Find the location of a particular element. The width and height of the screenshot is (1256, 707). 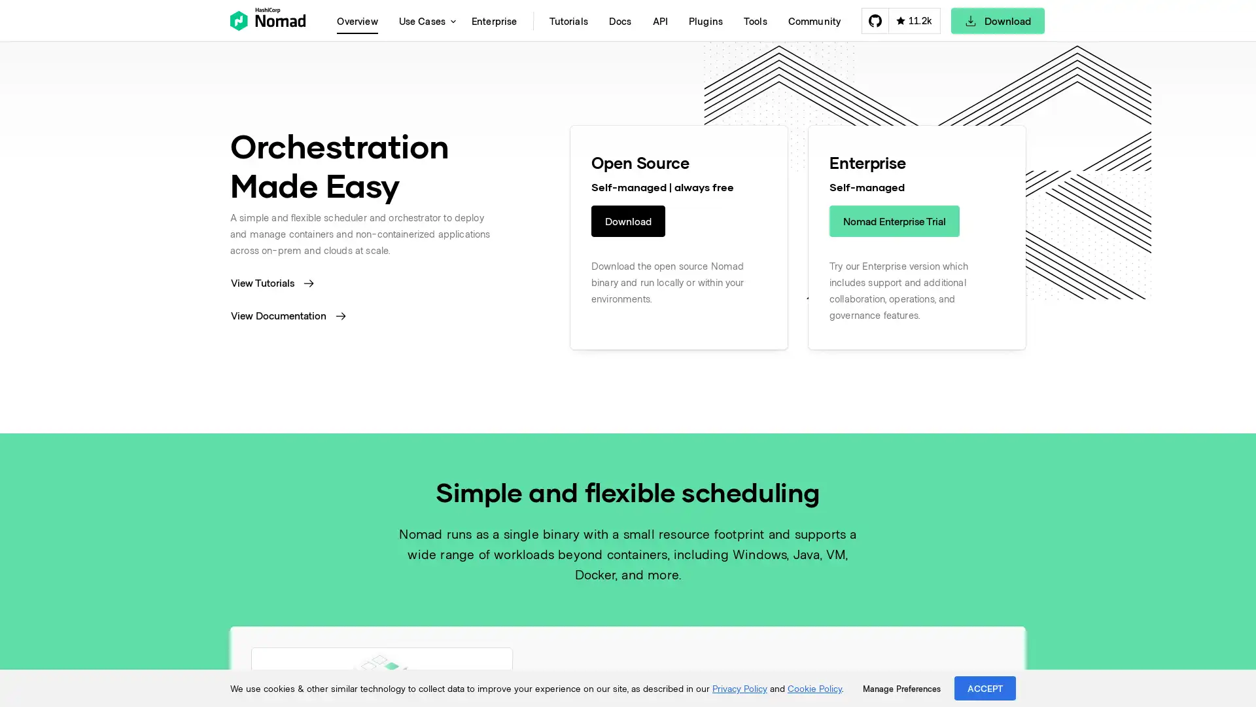

Use Cases is located at coordinates (424, 20).